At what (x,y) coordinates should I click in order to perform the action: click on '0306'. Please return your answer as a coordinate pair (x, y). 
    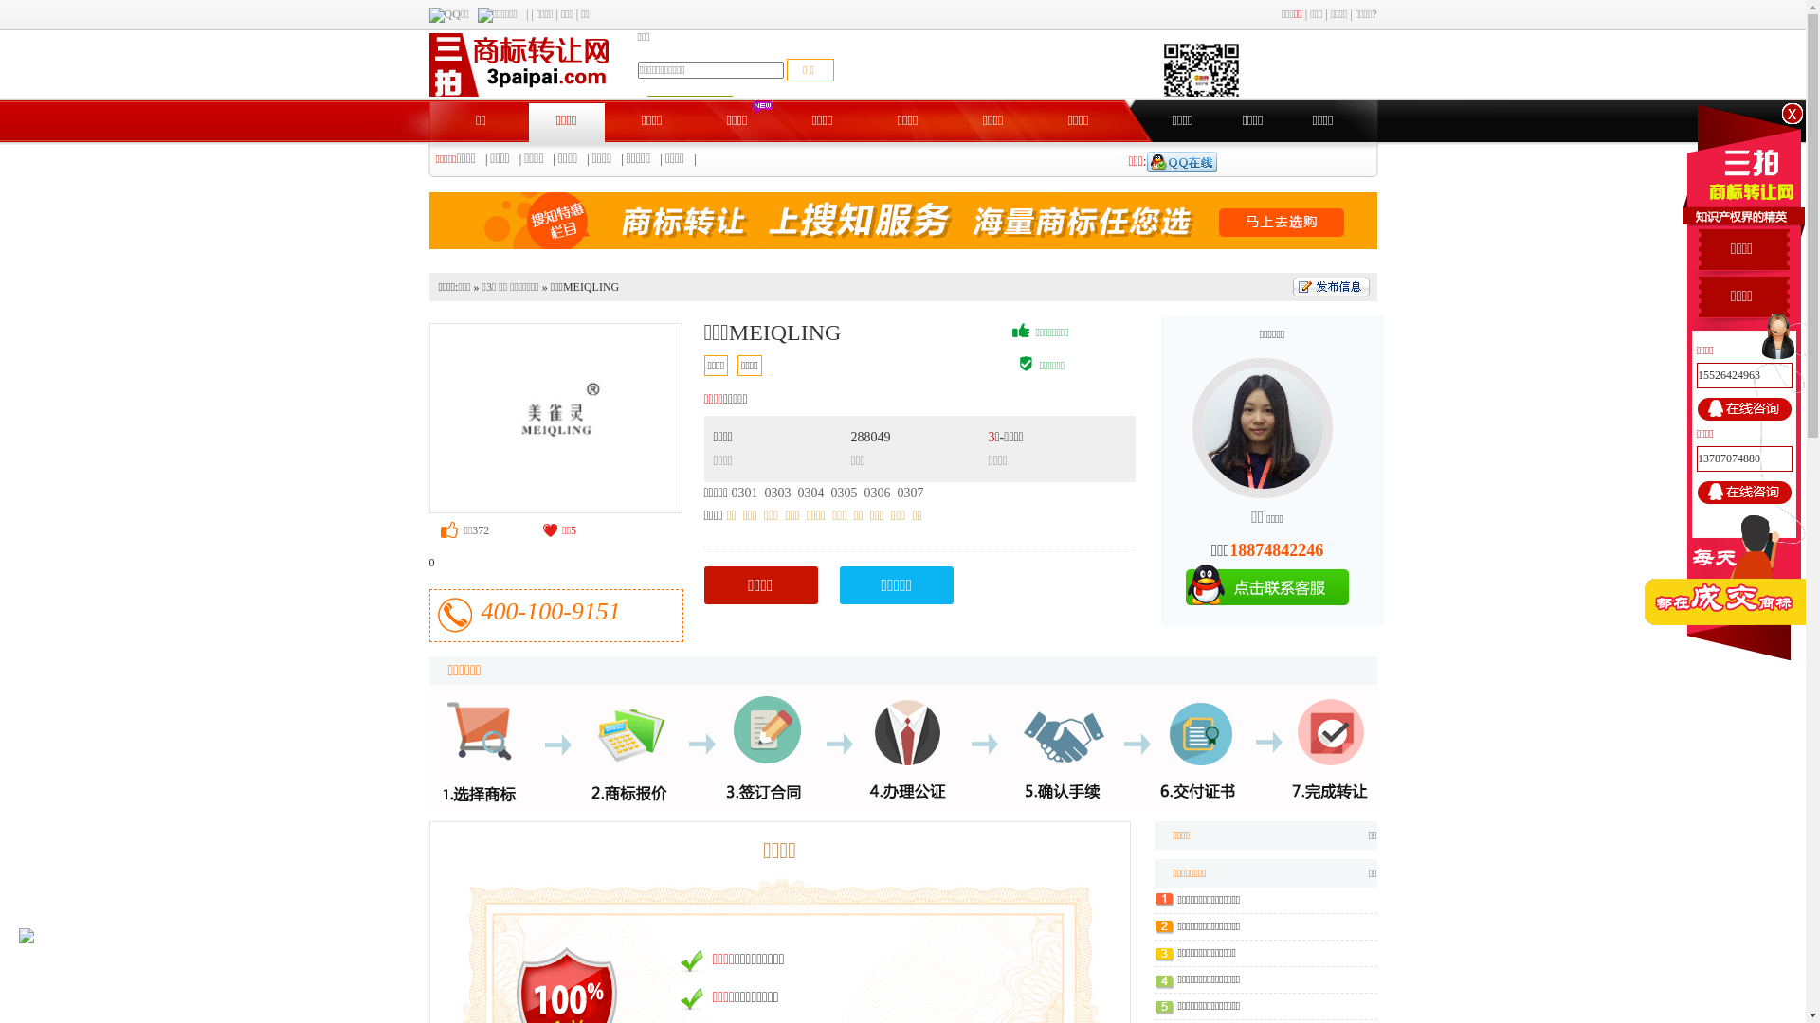
    Looking at the image, I should click on (877, 492).